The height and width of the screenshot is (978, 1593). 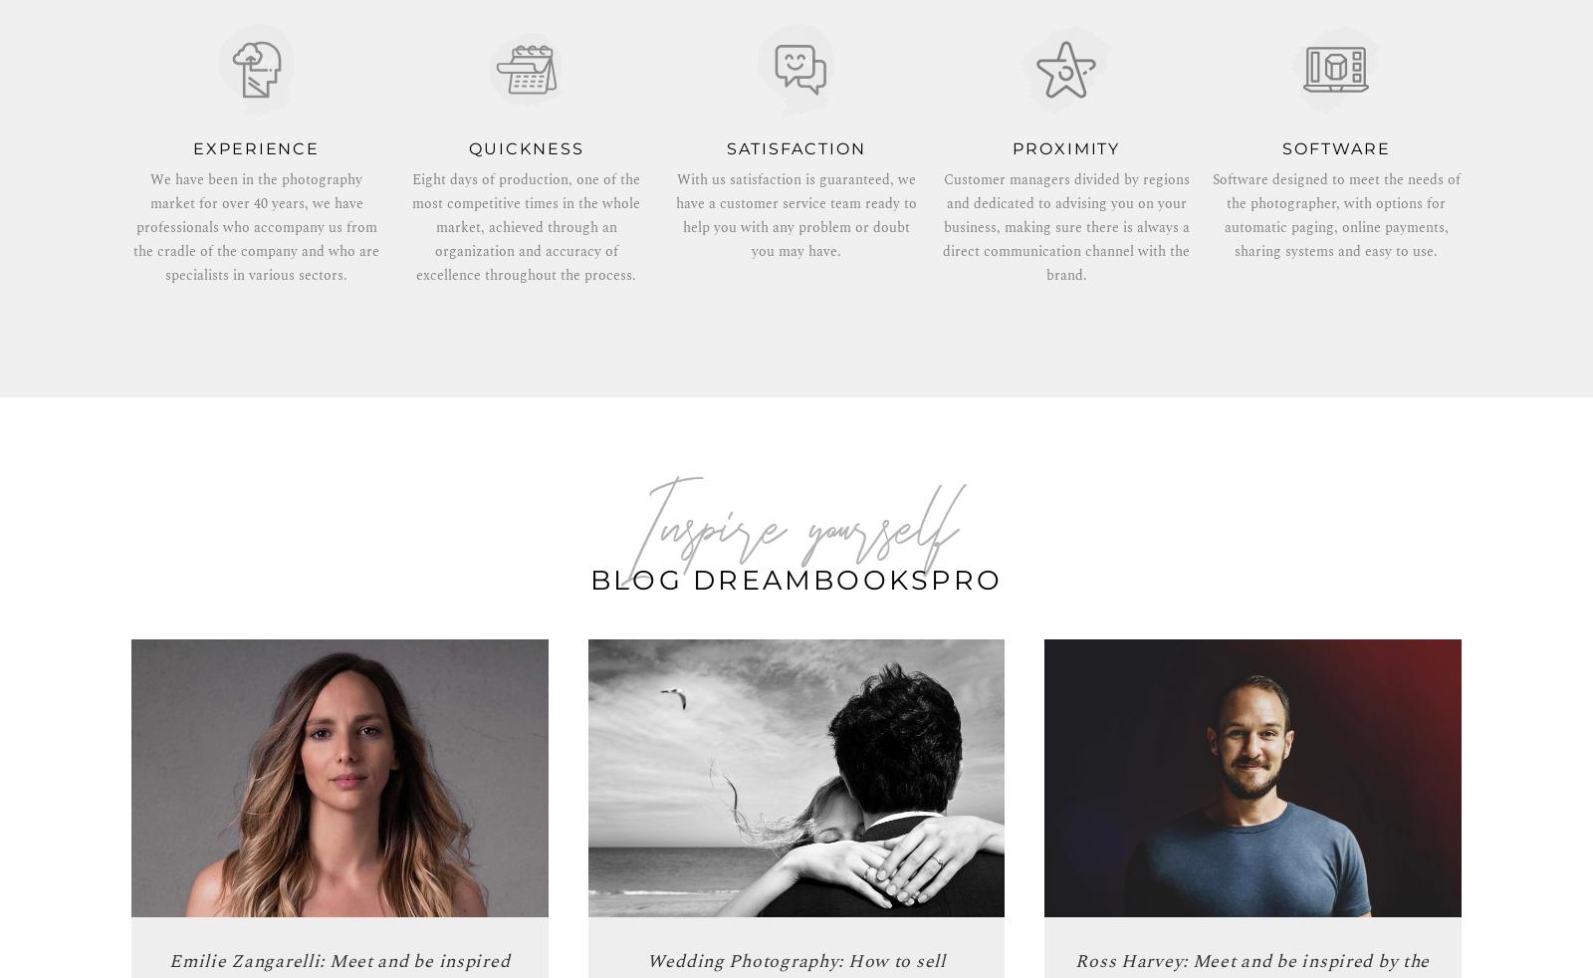 What do you see at coordinates (525, 226) in the screenshot?
I see `'Eight days of production, one of the most competitive times in the whole market, achieved through an organization and accuracy of excellence throughout the process.'` at bounding box center [525, 226].